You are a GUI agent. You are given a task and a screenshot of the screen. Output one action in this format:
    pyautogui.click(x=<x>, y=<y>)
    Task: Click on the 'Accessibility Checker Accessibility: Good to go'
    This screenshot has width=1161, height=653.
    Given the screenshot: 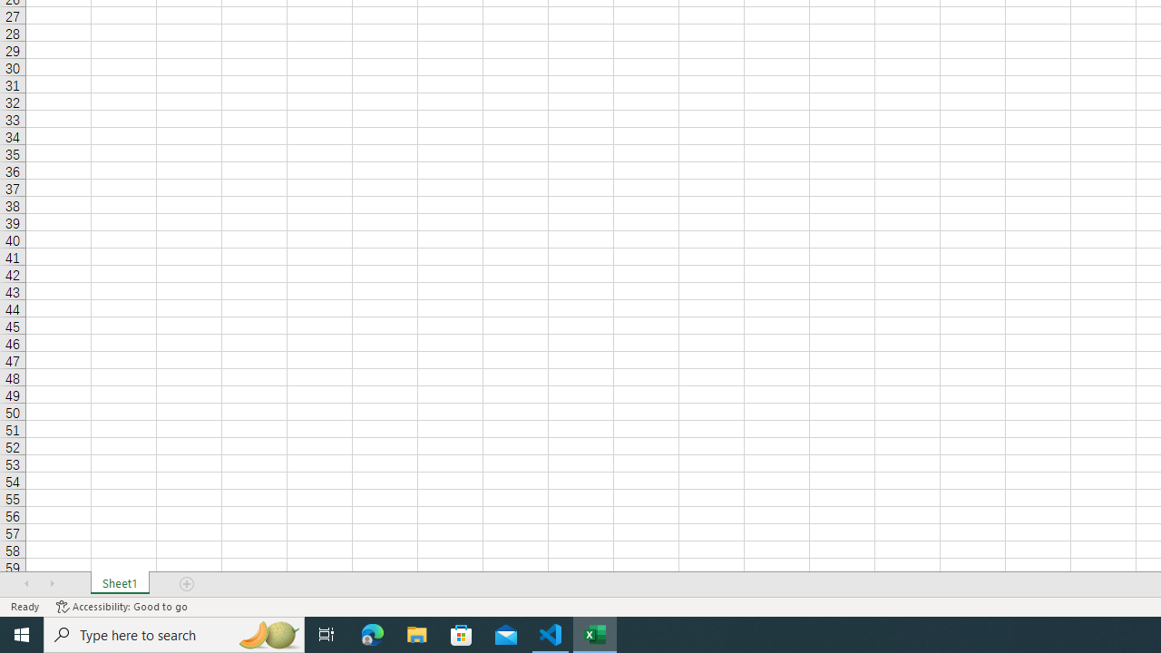 What is the action you would take?
    pyautogui.click(x=121, y=607)
    